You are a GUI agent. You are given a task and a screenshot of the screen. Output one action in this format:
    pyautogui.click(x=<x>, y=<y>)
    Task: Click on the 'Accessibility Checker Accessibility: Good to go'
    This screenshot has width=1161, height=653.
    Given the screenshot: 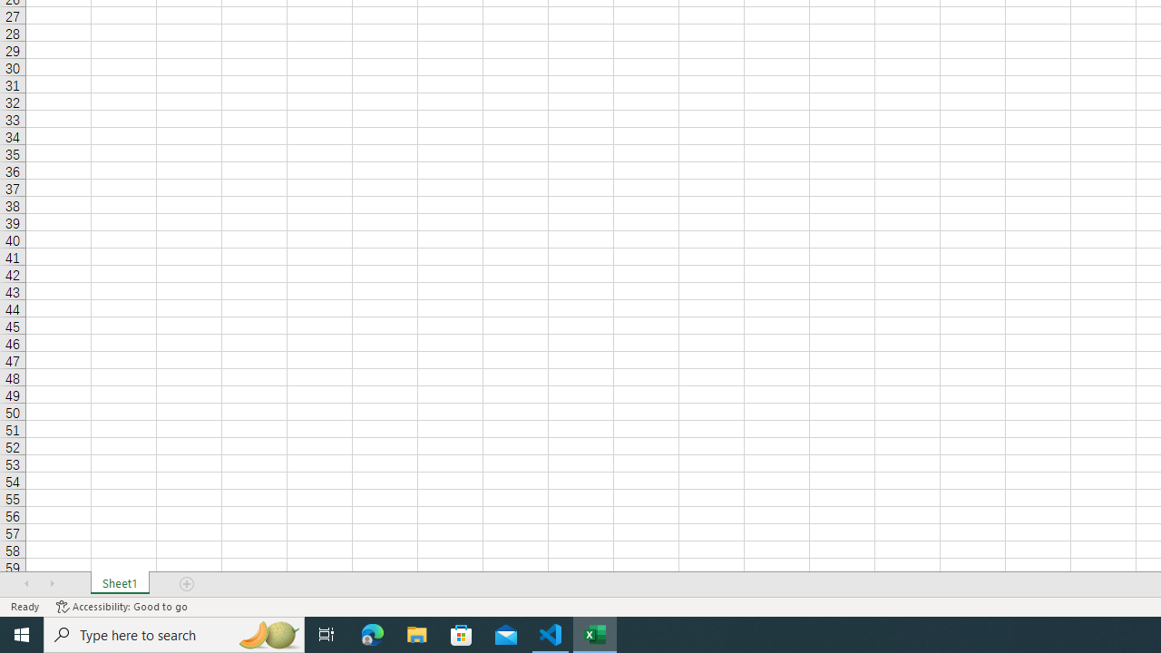 What is the action you would take?
    pyautogui.click(x=121, y=607)
    